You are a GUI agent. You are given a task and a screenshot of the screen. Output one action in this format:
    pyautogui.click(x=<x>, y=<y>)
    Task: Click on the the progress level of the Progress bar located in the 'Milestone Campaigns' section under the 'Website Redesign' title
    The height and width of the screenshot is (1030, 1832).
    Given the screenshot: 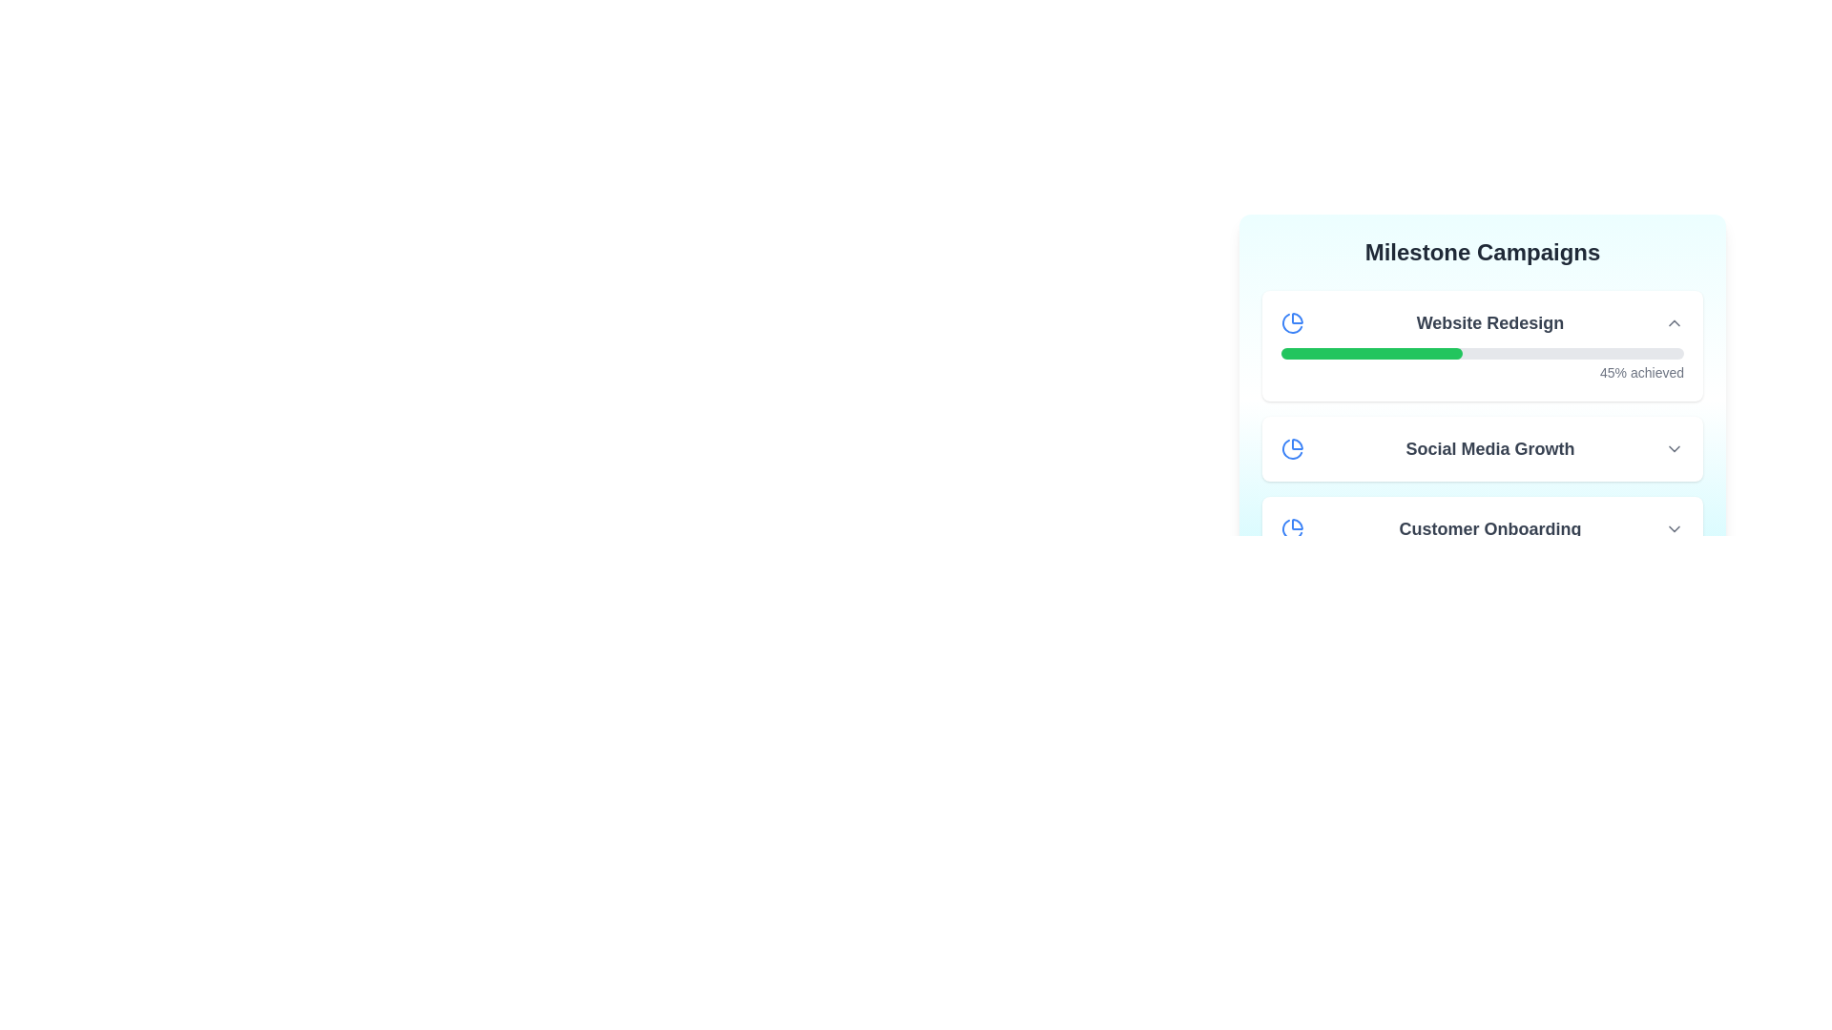 What is the action you would take?
    pyautogui.click(x=1482, y=363)
    